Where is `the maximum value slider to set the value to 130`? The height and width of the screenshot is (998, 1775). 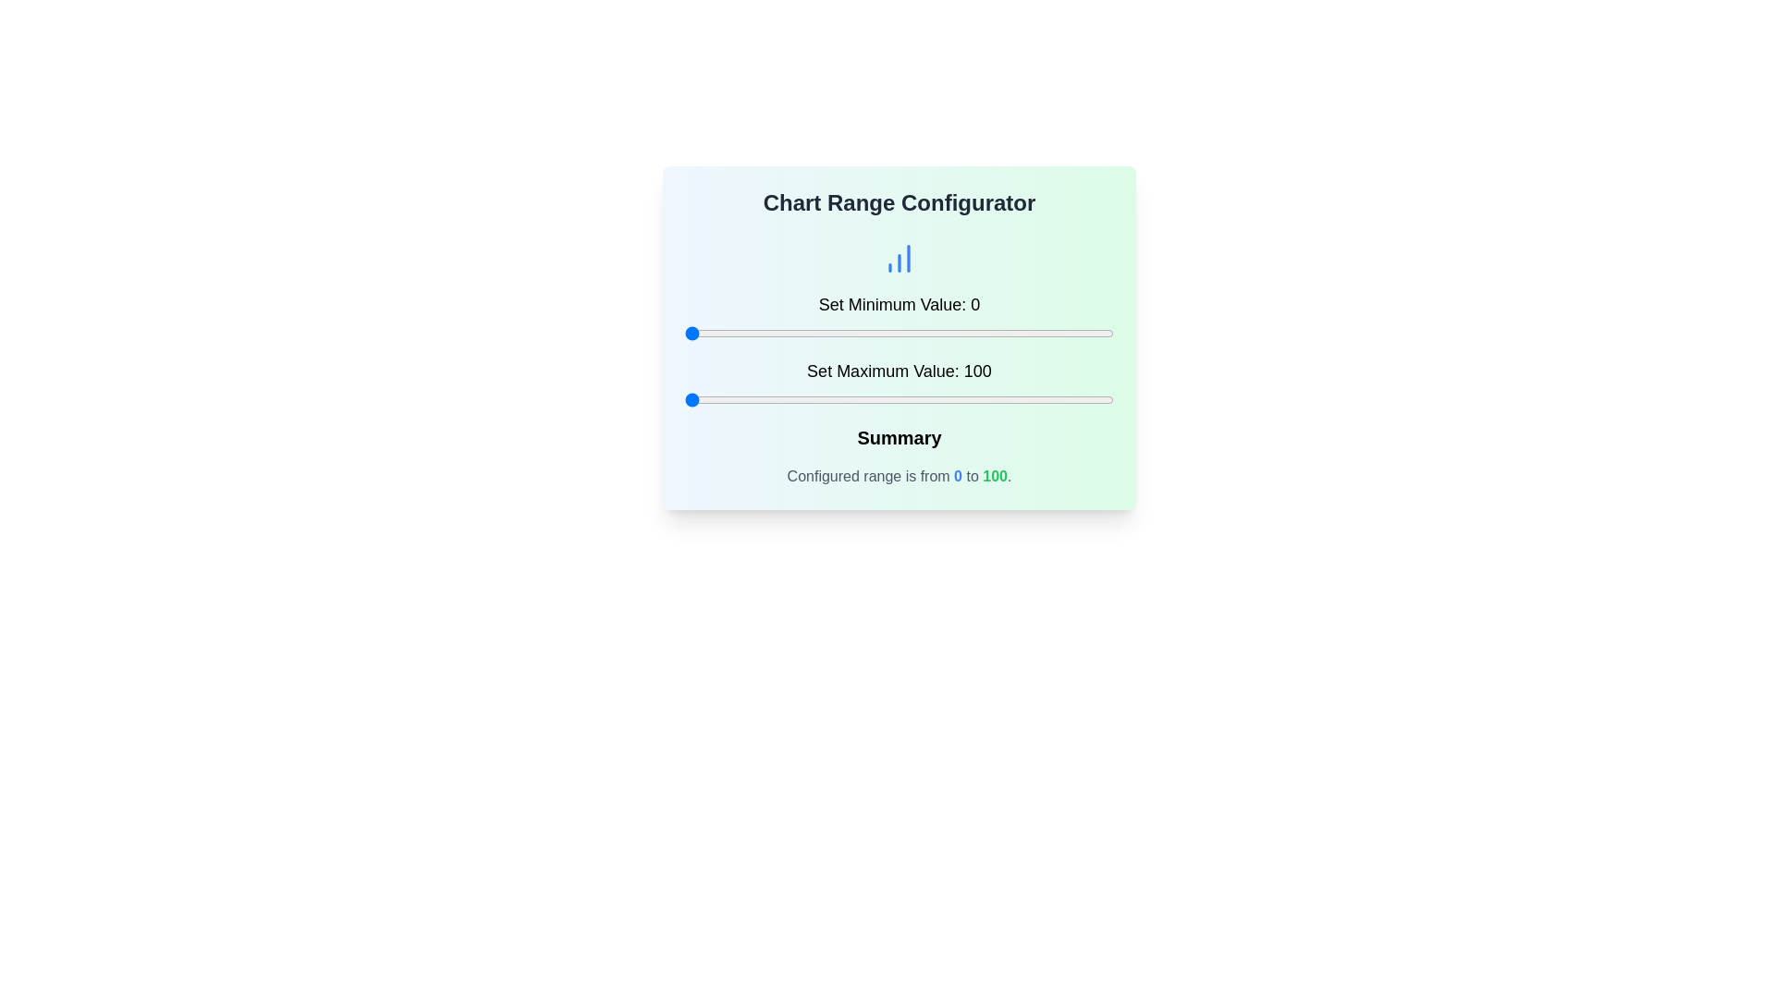 the maximum value slider to set the value to 130 is located at coordinates (814, 398).